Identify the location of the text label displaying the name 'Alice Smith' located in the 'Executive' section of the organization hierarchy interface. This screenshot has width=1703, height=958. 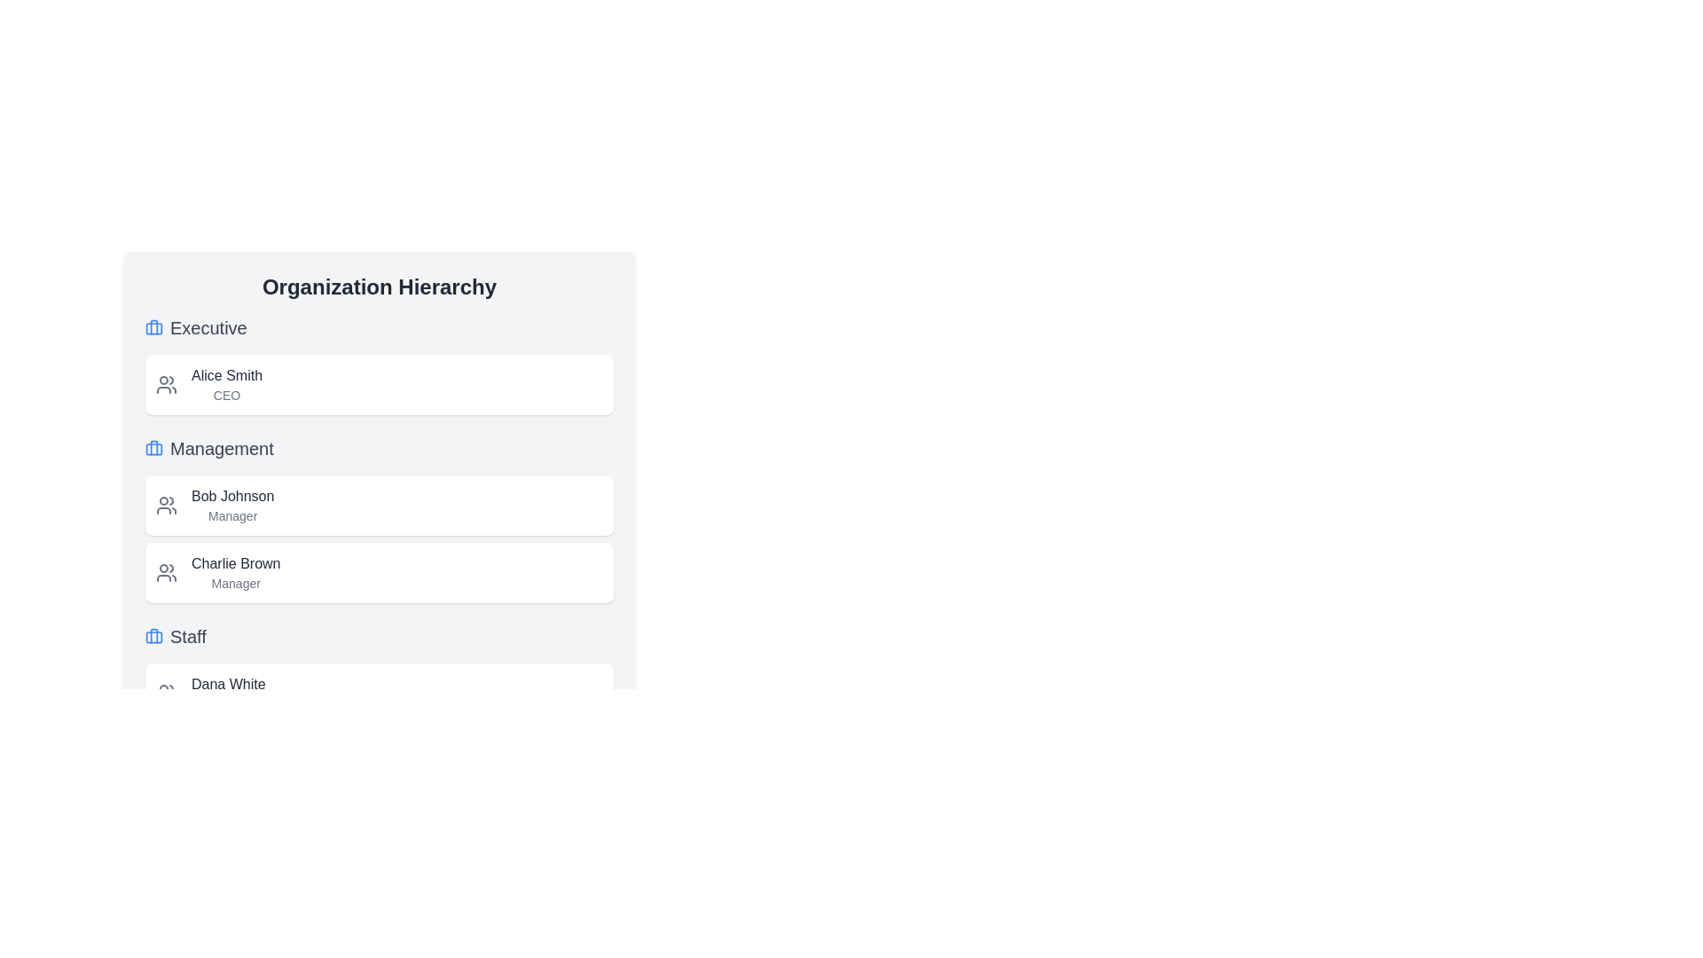
(225, 375).